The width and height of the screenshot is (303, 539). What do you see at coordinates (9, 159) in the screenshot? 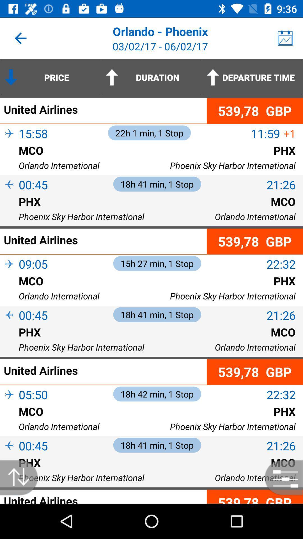
I see `the icon next to mco item` at bounding box center [9, 159].